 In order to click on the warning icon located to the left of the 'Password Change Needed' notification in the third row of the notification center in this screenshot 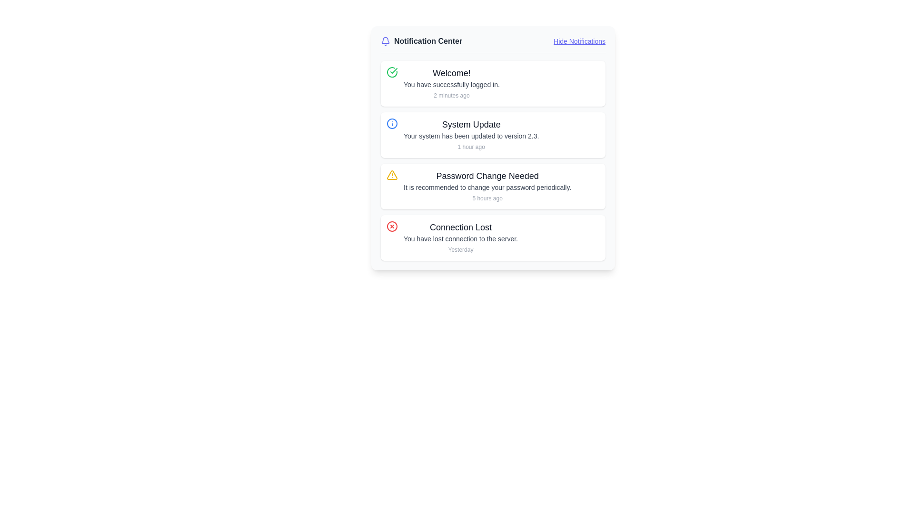, I will do `click(392, 175)`.